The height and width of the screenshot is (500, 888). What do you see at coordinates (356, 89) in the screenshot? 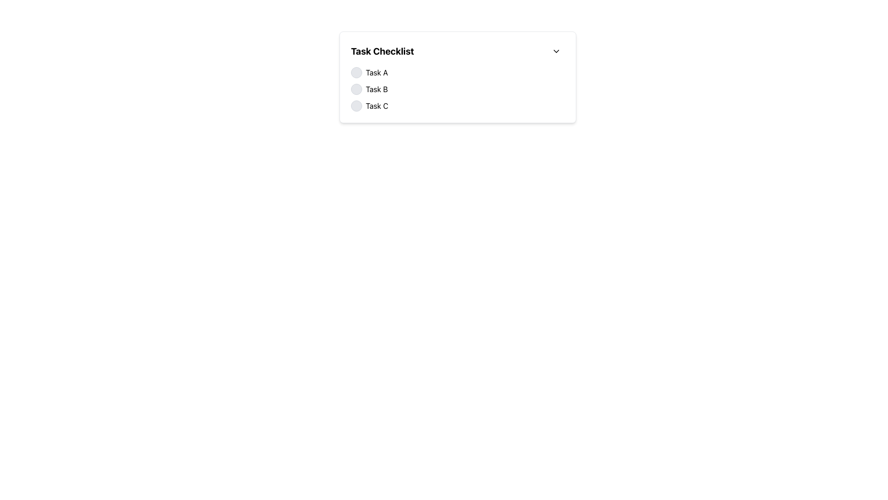
I see `the checkbox located to the left of the text 'Task B'` at bounding box center [356, 89].